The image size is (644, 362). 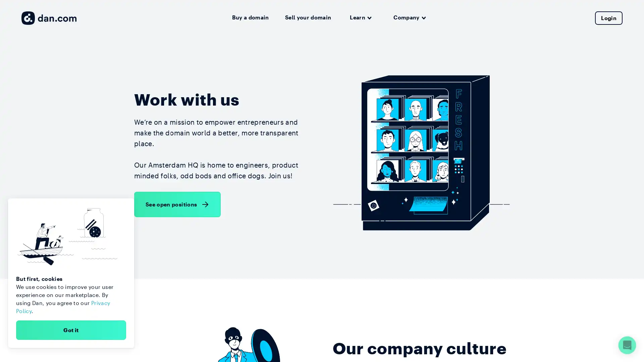 I want to click on Got it, so click(x=71, y=329).